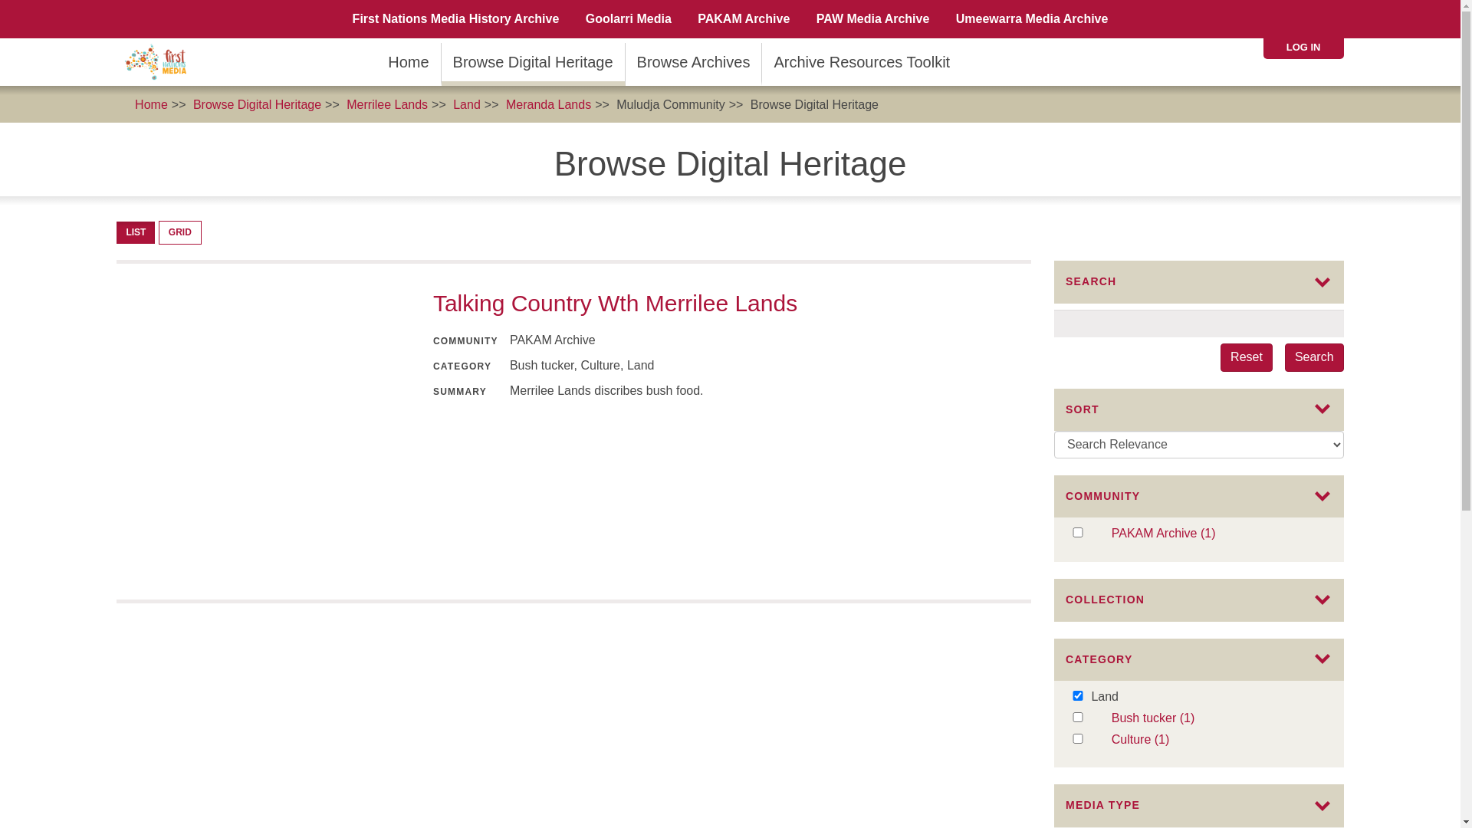  I want to click on 'Reset', so click(1247, 357).